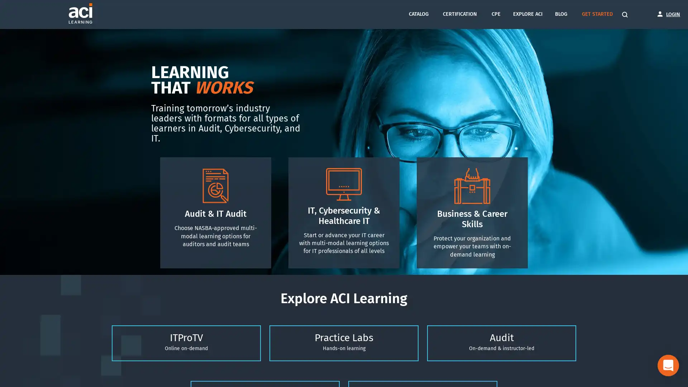  What do you see at coordinates (560, 14) in the screenshot?
I see `BLOG` at bounding box center [560, 14].